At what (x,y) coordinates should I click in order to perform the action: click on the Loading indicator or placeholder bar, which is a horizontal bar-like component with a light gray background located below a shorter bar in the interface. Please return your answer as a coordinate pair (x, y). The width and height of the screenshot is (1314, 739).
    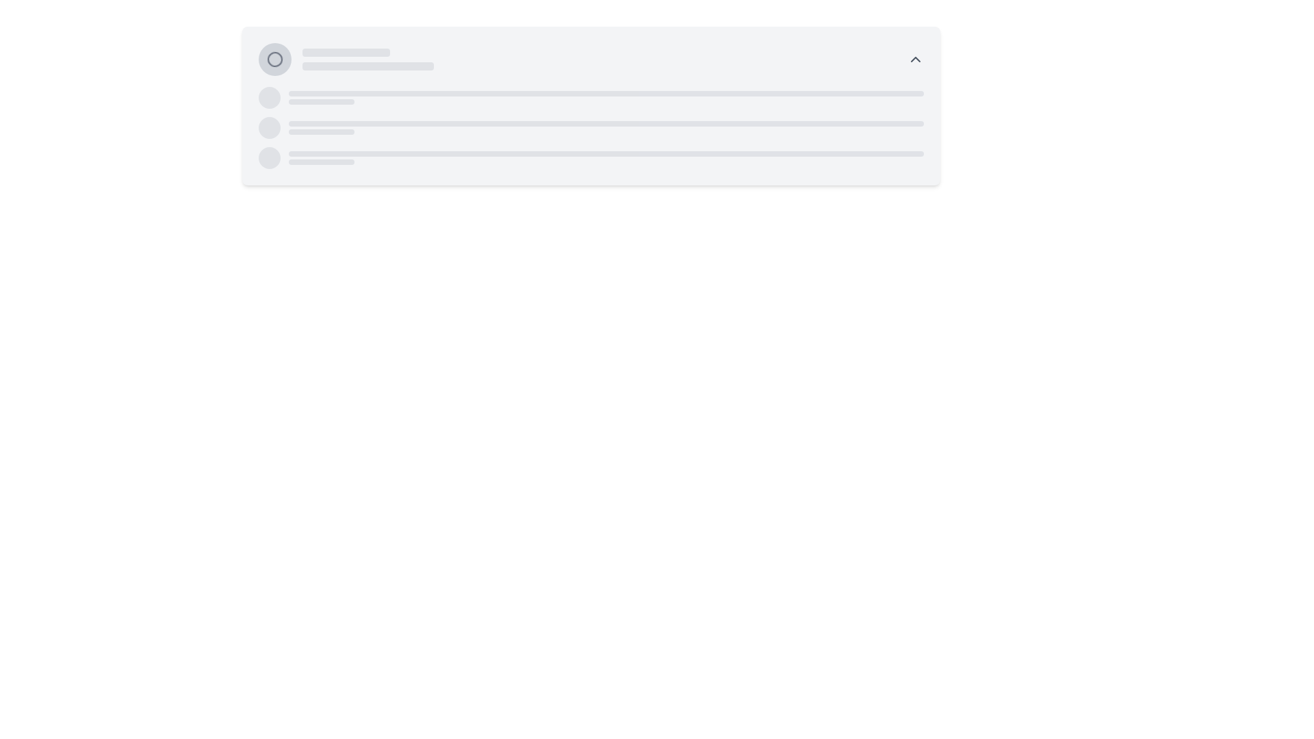
    Looking at the image, I should click on (368, 66).